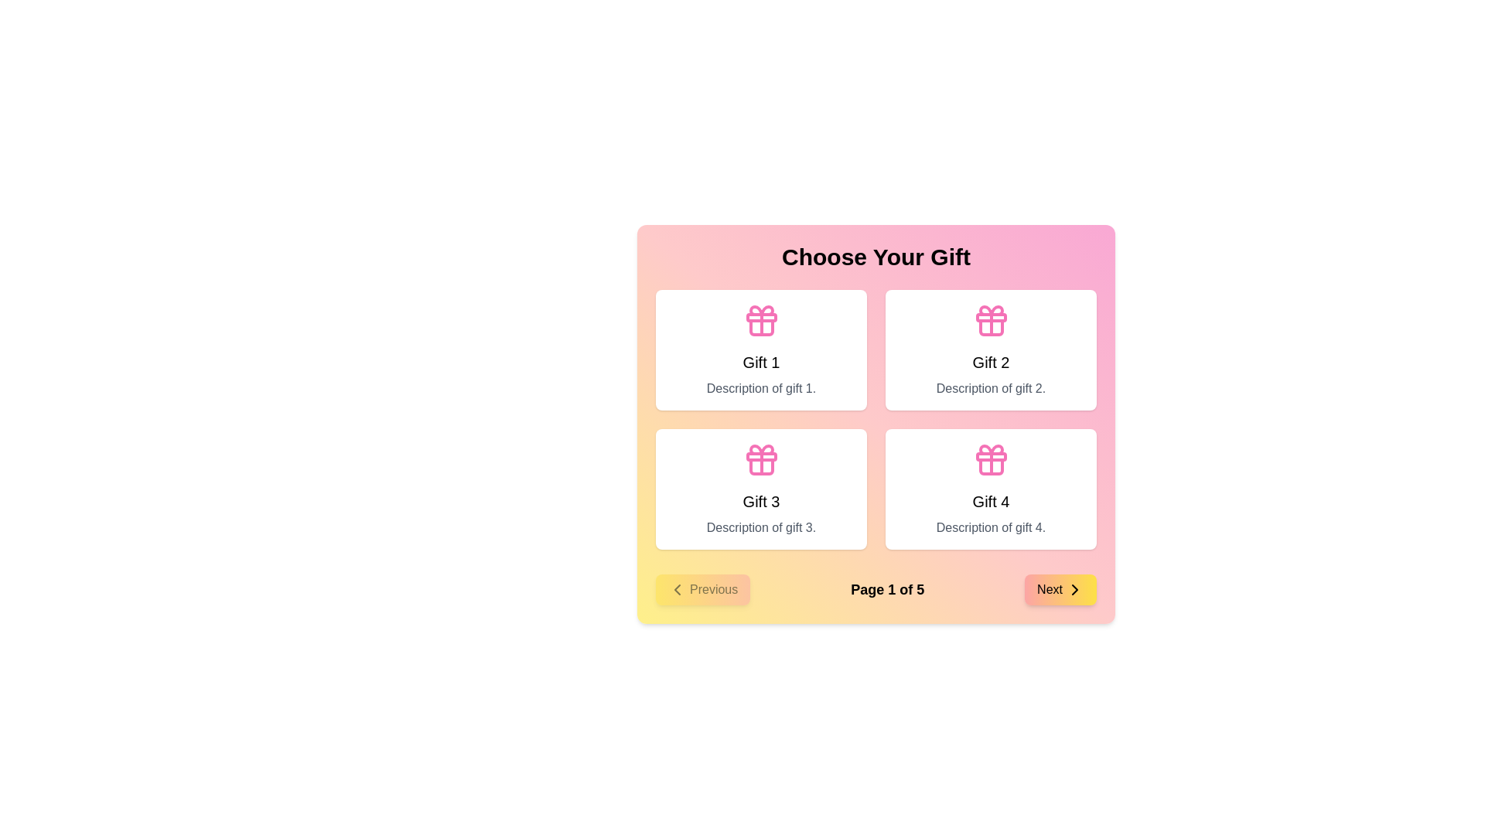 This screenshot has width=1485, height=835. What do you see at coordinates (761, 363) in the screenshot?
I see `the static text label reading 'Gift 1', which is centrally aligned in the top-left card of a 2x2 grid layout` at bounding box center [761, 363].